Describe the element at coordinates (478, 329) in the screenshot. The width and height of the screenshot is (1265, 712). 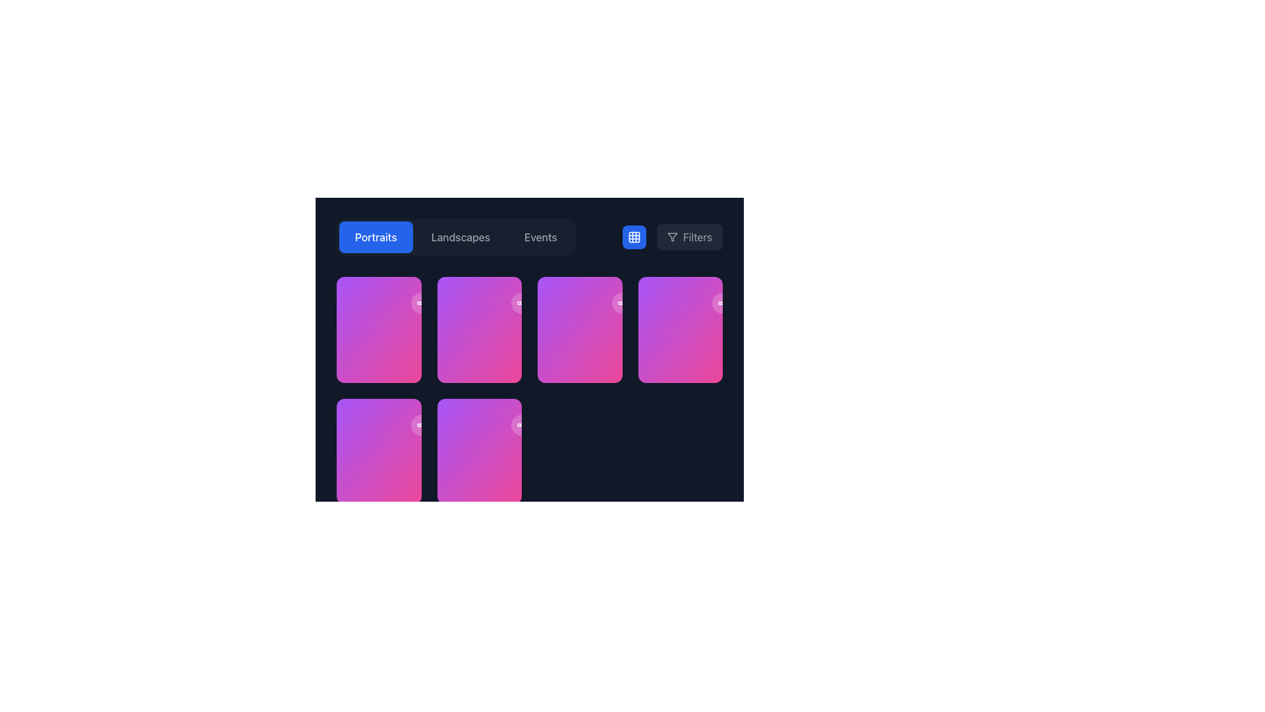
I see `the second card in the second row of the grid layout` at that location.